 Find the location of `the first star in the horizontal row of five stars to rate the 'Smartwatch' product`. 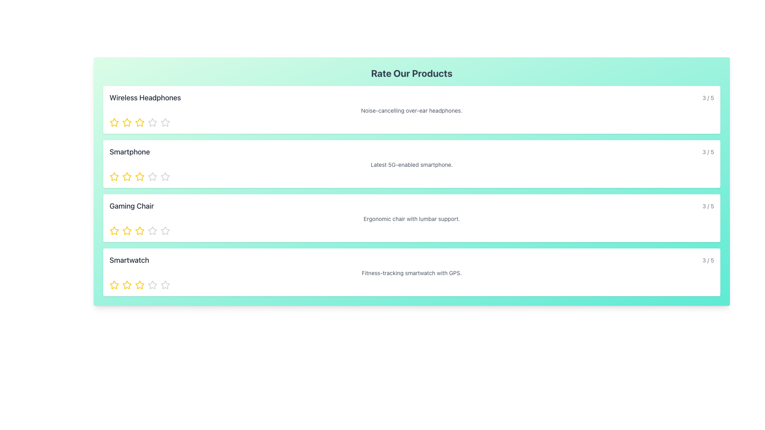

the first star in the horizontal row of five stars to rate the 'Smartwatch' product is located at coordinates (114, 284).